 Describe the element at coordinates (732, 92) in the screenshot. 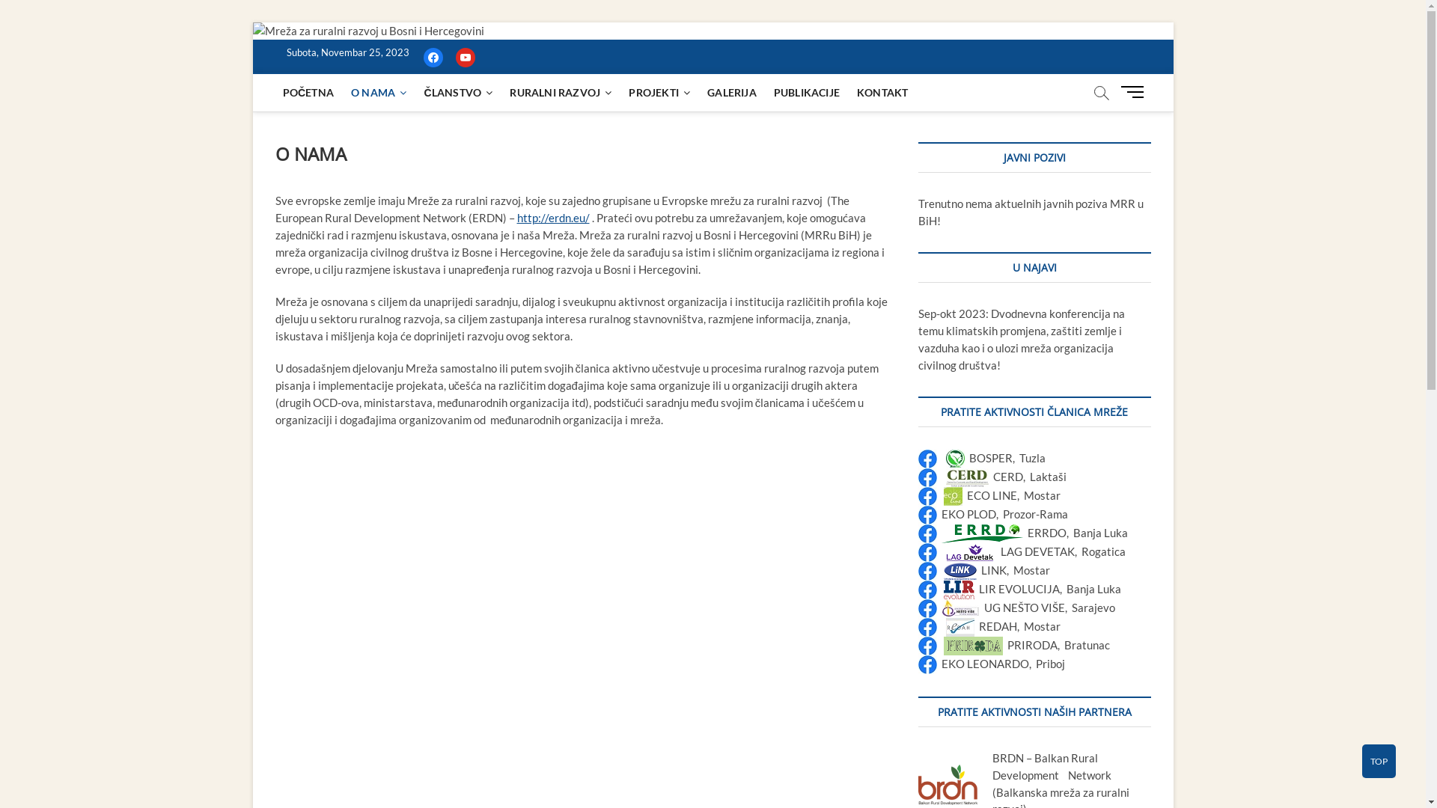

I see `'GALERIJA'` at that location.